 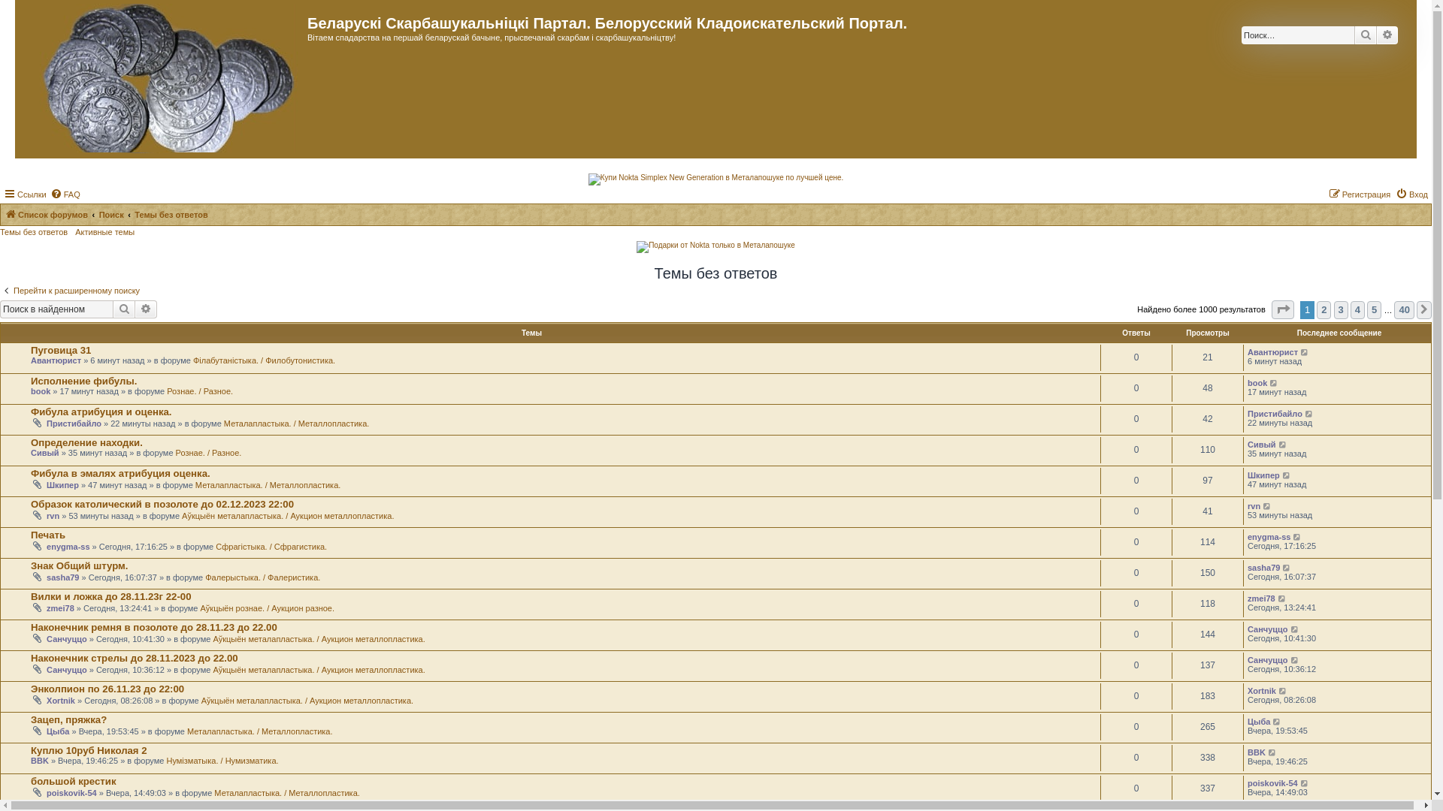 I want to click on 'rvn', so click(x=53, y=514).